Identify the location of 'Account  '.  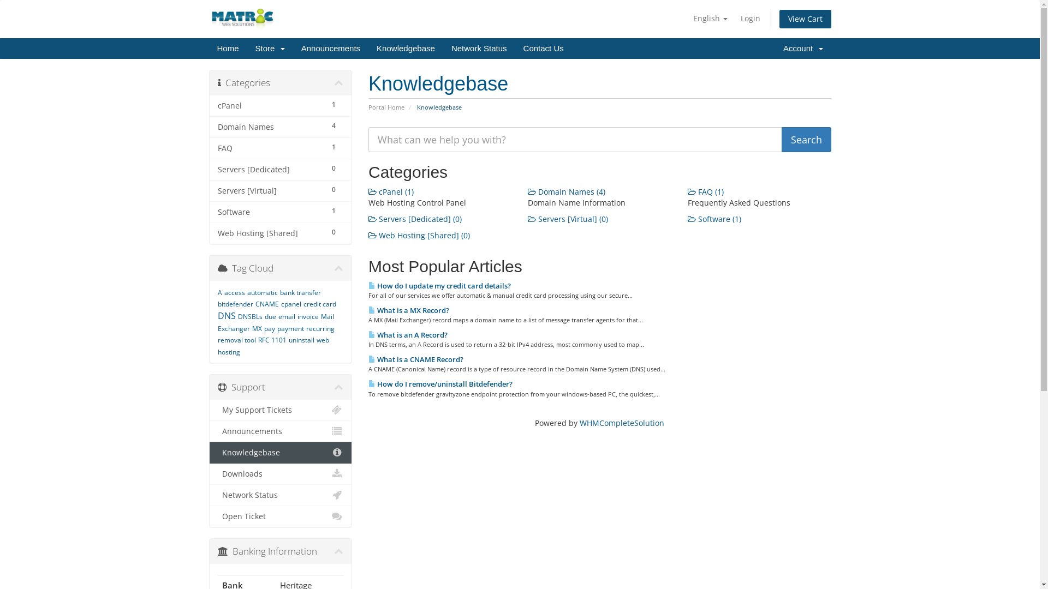
(803, 47).